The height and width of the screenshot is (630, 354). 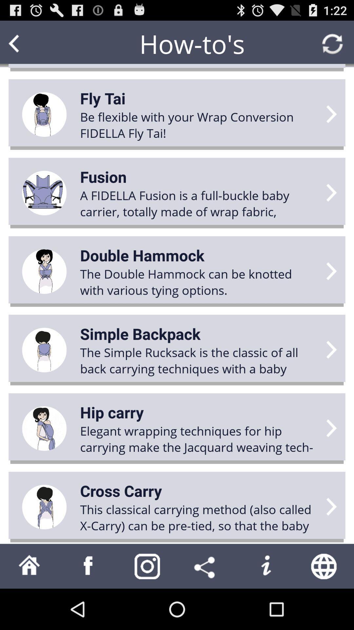 What do you see at coordinates (265, 566) in the screenshot?
I see `additional info` at bounding box center [265, 566].